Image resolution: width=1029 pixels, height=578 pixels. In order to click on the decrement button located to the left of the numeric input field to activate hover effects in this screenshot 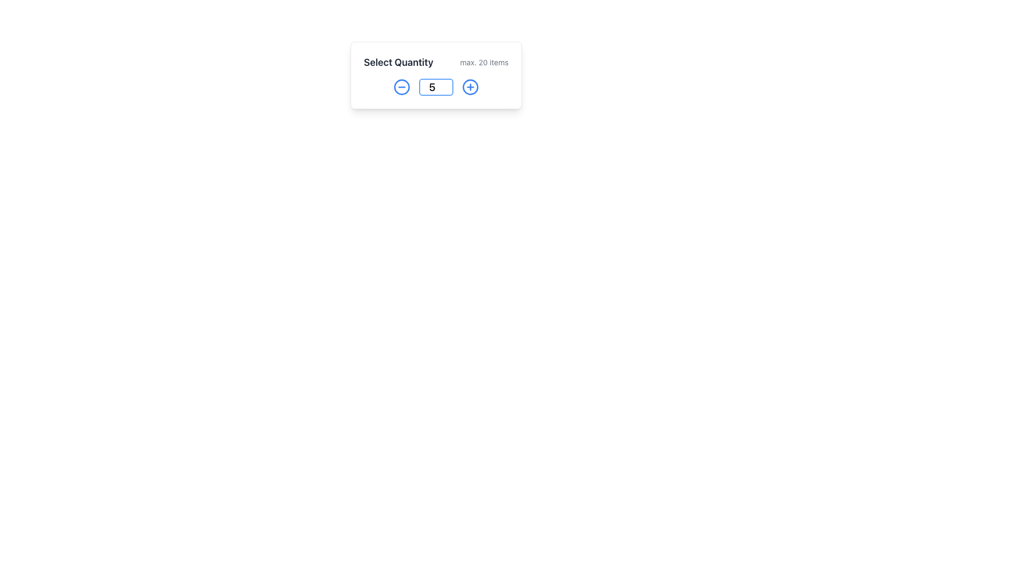, I will do `click(401, 86)`.